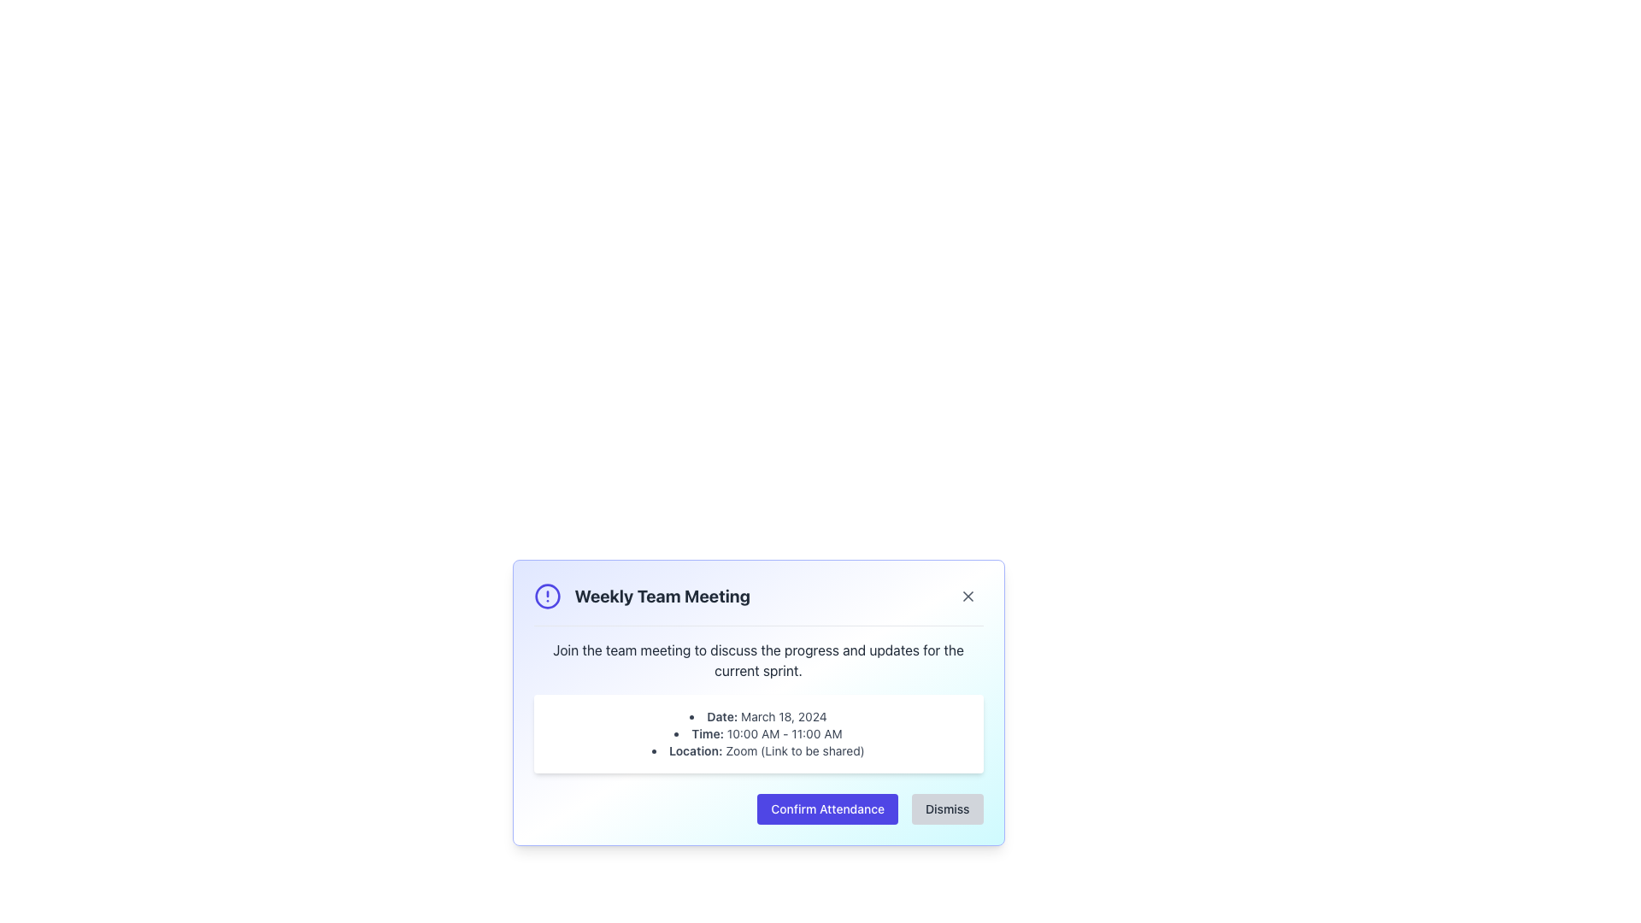 The image size is (1641, 923). What do you see at coordinates (757, 659) in the screenshot?
I see `the text element reading 'Join the team meeting to discuss the progress and updates for the current sprint.' which is located in the 'Weekly Team Meeting' modal dialog box` at bounding box center [757, 659].